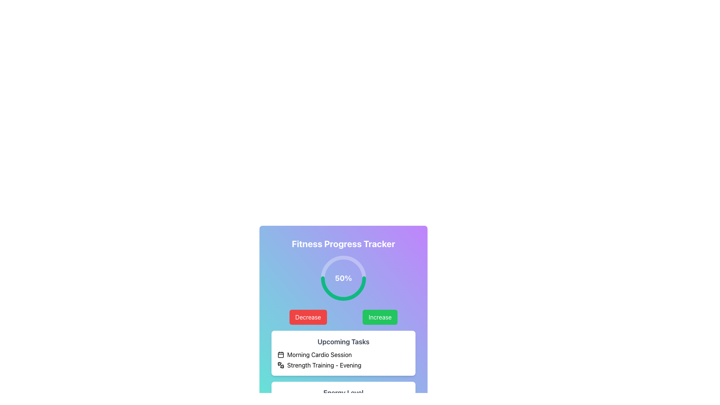 The width and height of the screenshot is (720, 405). I want to click on the text element that displays the progress percentage, which is centrally positioned within a circular progress indicator above the 'Decrease' and 'Increase' buttons, so click(343, 278).